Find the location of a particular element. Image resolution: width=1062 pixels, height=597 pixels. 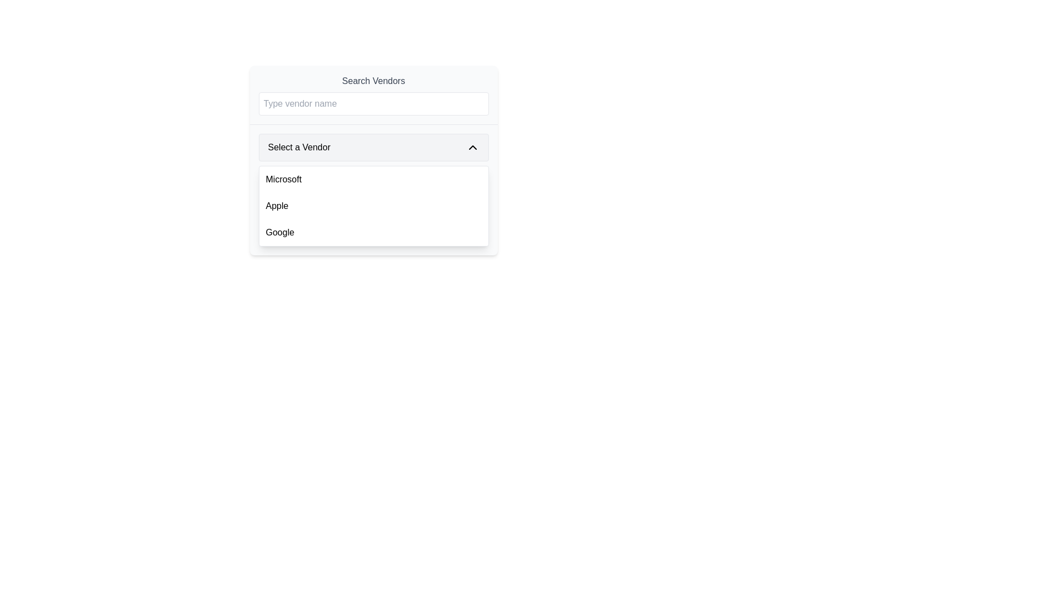

the 'Google' text element in the dropdown menu is located at coordinates (280, 232).